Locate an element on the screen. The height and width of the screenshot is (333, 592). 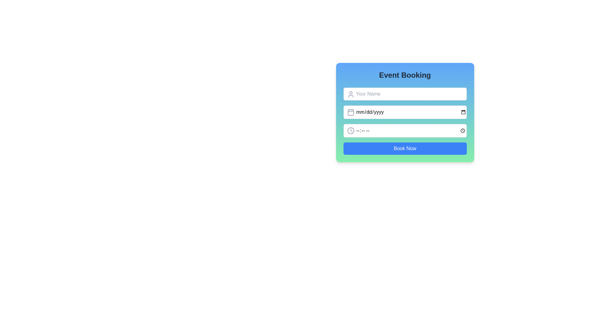
the icon that indicates the purpose of the text input field for entering a user's name is located at coordinates (351, 94).